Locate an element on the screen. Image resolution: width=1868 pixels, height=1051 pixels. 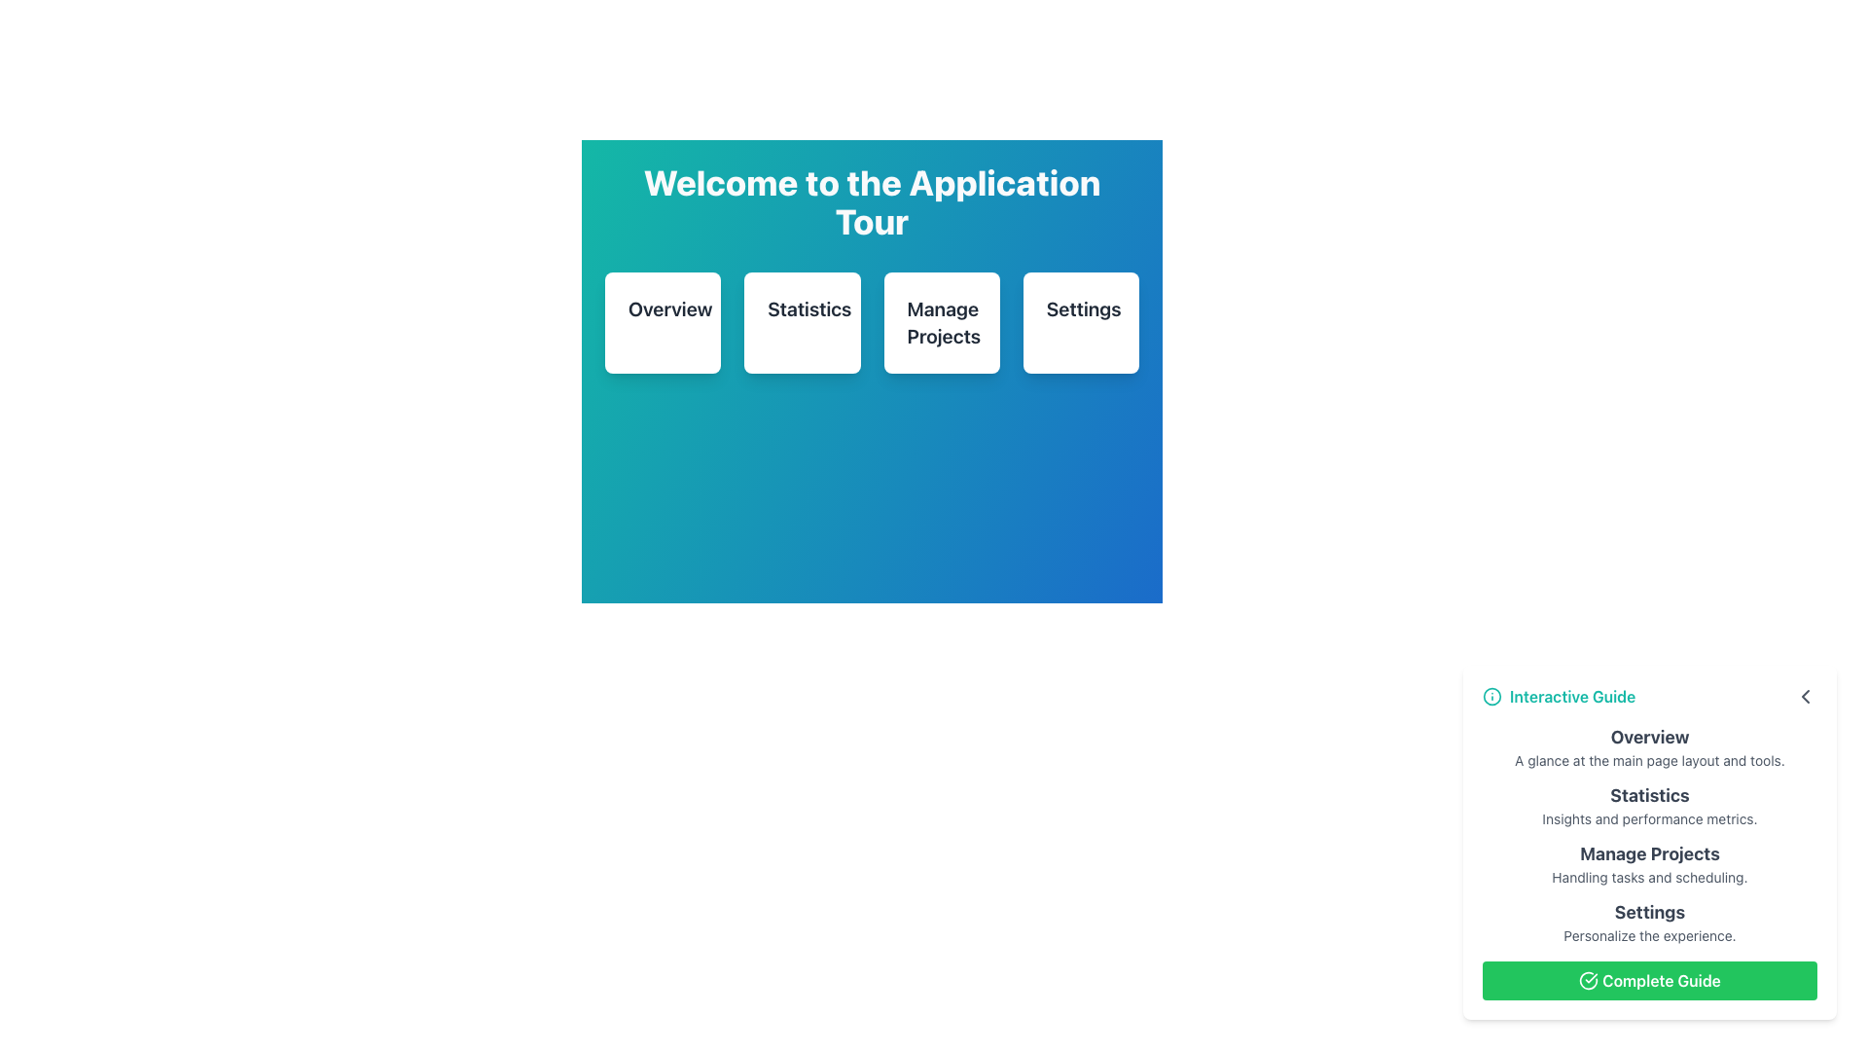
the descriptive Text Label located below the 'Manage Projects' title in the right-hand panel of the interface, which explains the purpose and functionality of the 'Manage Projects' feature is located at coordinates (1648, 878).